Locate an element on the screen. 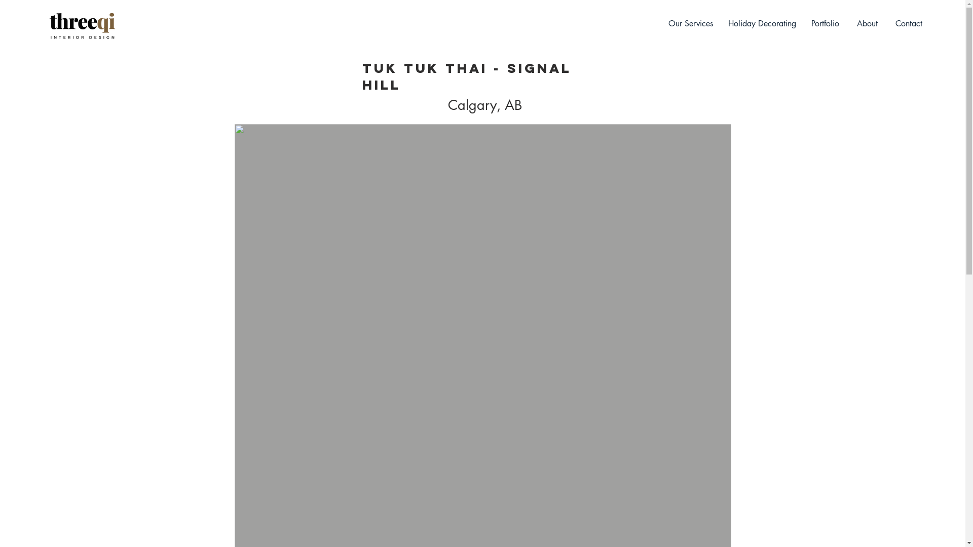 The width and height of the screenshot is (973, 547). 'Portfolio' is located at coordinates (825, 23).